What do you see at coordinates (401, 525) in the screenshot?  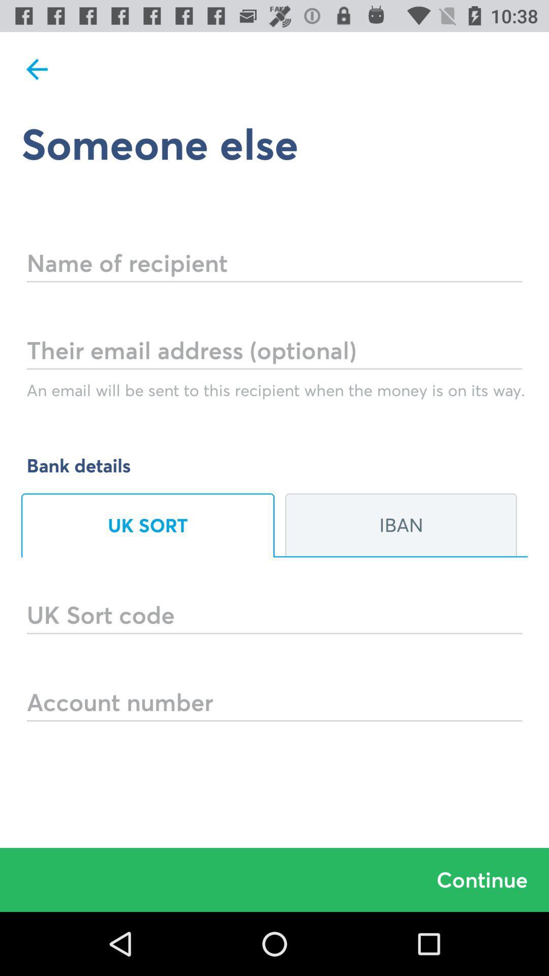 I see `the button which is right to uk sort` at bounding box center [401, 525].